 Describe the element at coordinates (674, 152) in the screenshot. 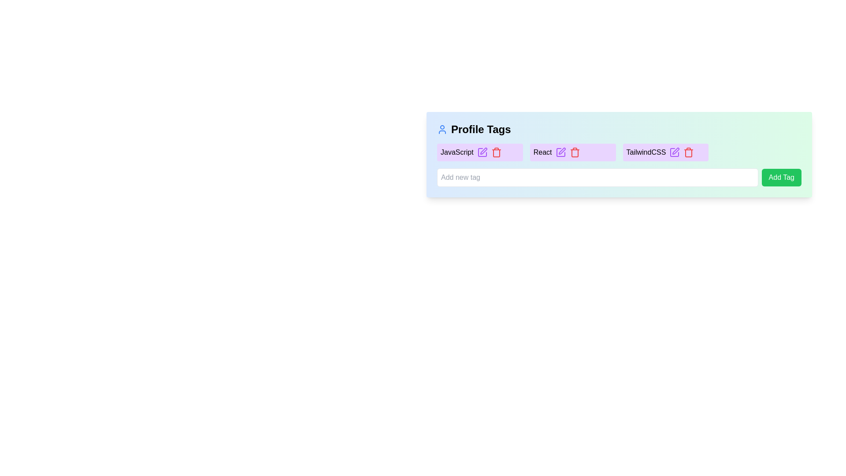

I see `the Pen SVG icon located to the right of the 'TailwindCSS' label` at that location.